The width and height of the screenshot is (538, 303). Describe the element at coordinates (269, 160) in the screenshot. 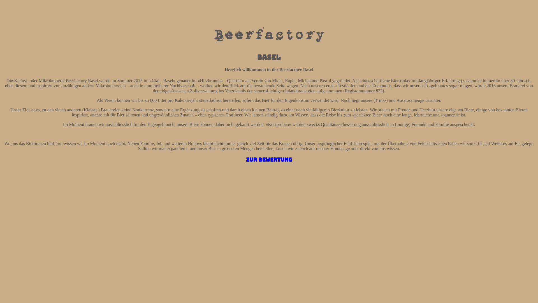

I see `'Zur Bewertung'` at that location.